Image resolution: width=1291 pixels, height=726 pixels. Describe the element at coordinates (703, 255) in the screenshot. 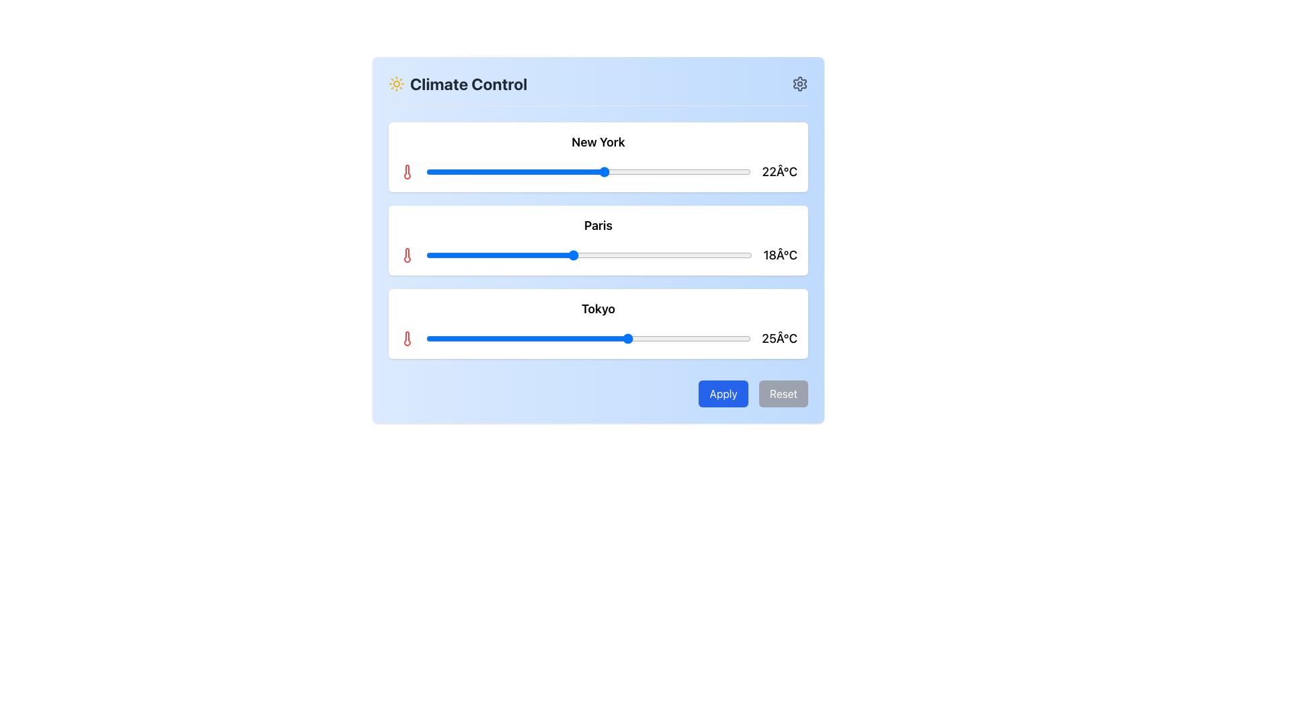

I see `the Paris temperature slider` at that location.